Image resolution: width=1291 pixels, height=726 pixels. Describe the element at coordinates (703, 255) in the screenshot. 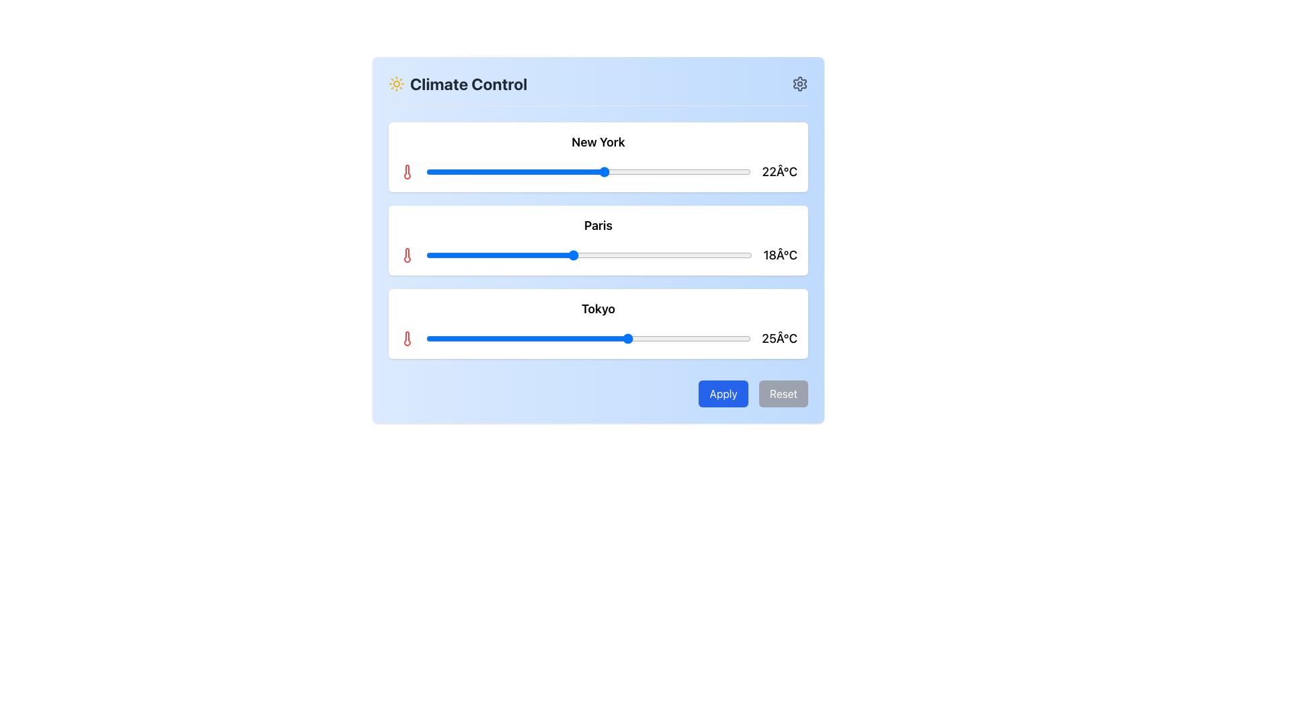

I see `the Paris temperature slider` at that location.